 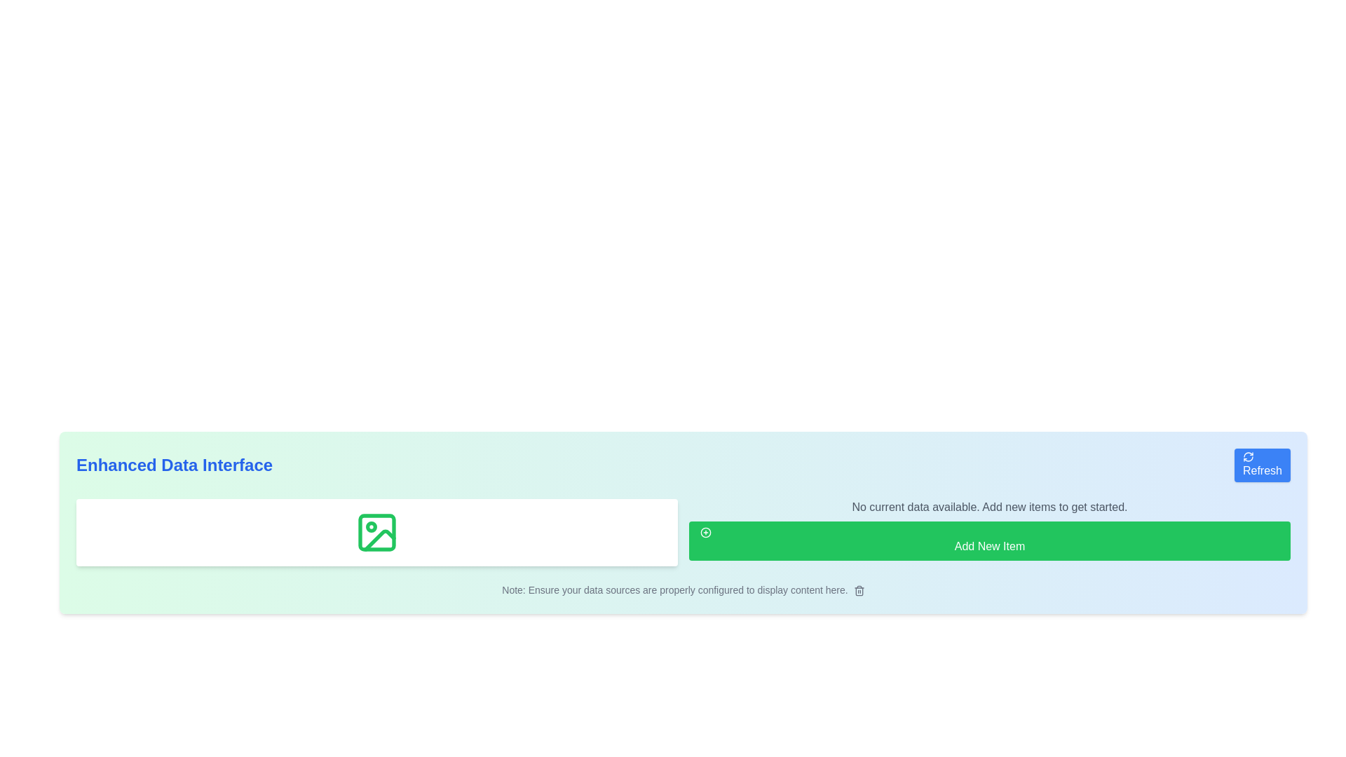 What do you see at coordinates (706, 532) in the screenshot?
I see `the circular icon with a plus sign inside it, located within the 'Add New Item' green button, positioned to the left of the text label` at bounding box center [706, 532].